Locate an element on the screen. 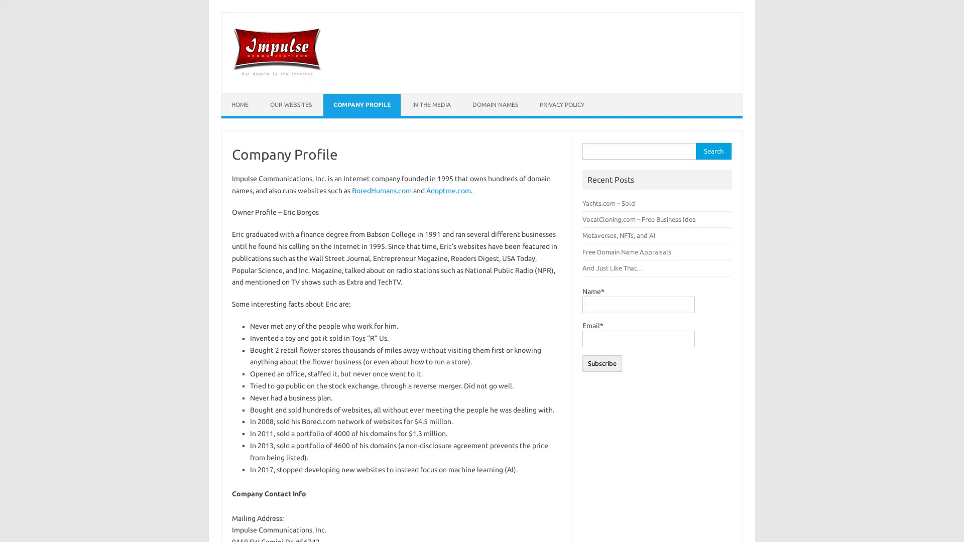 Image resolution: width=964 pixels, height=542 pixels. Subscribe is located at coordinates (602, 363).